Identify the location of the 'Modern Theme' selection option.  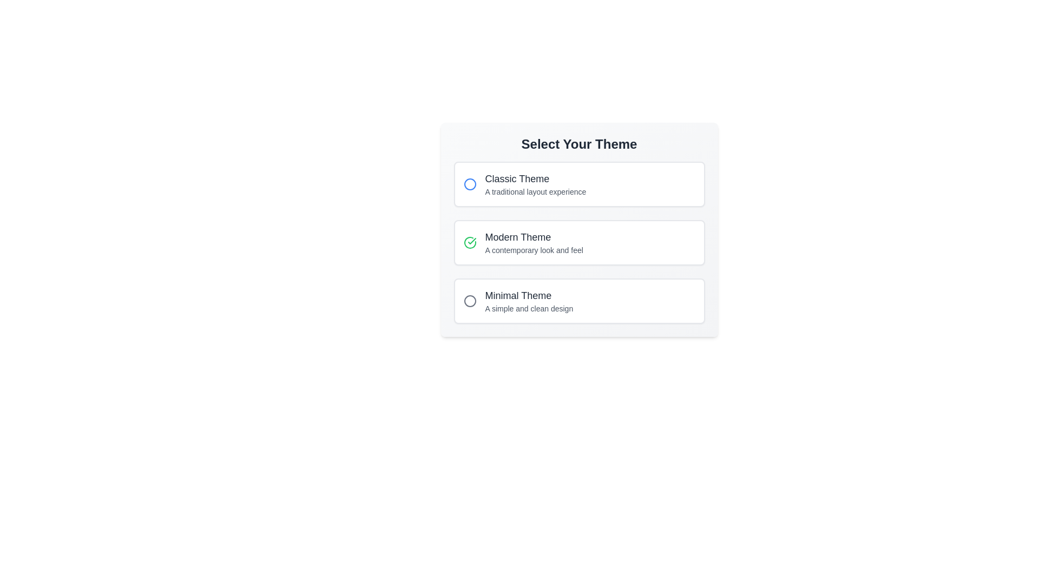
(578, 242).